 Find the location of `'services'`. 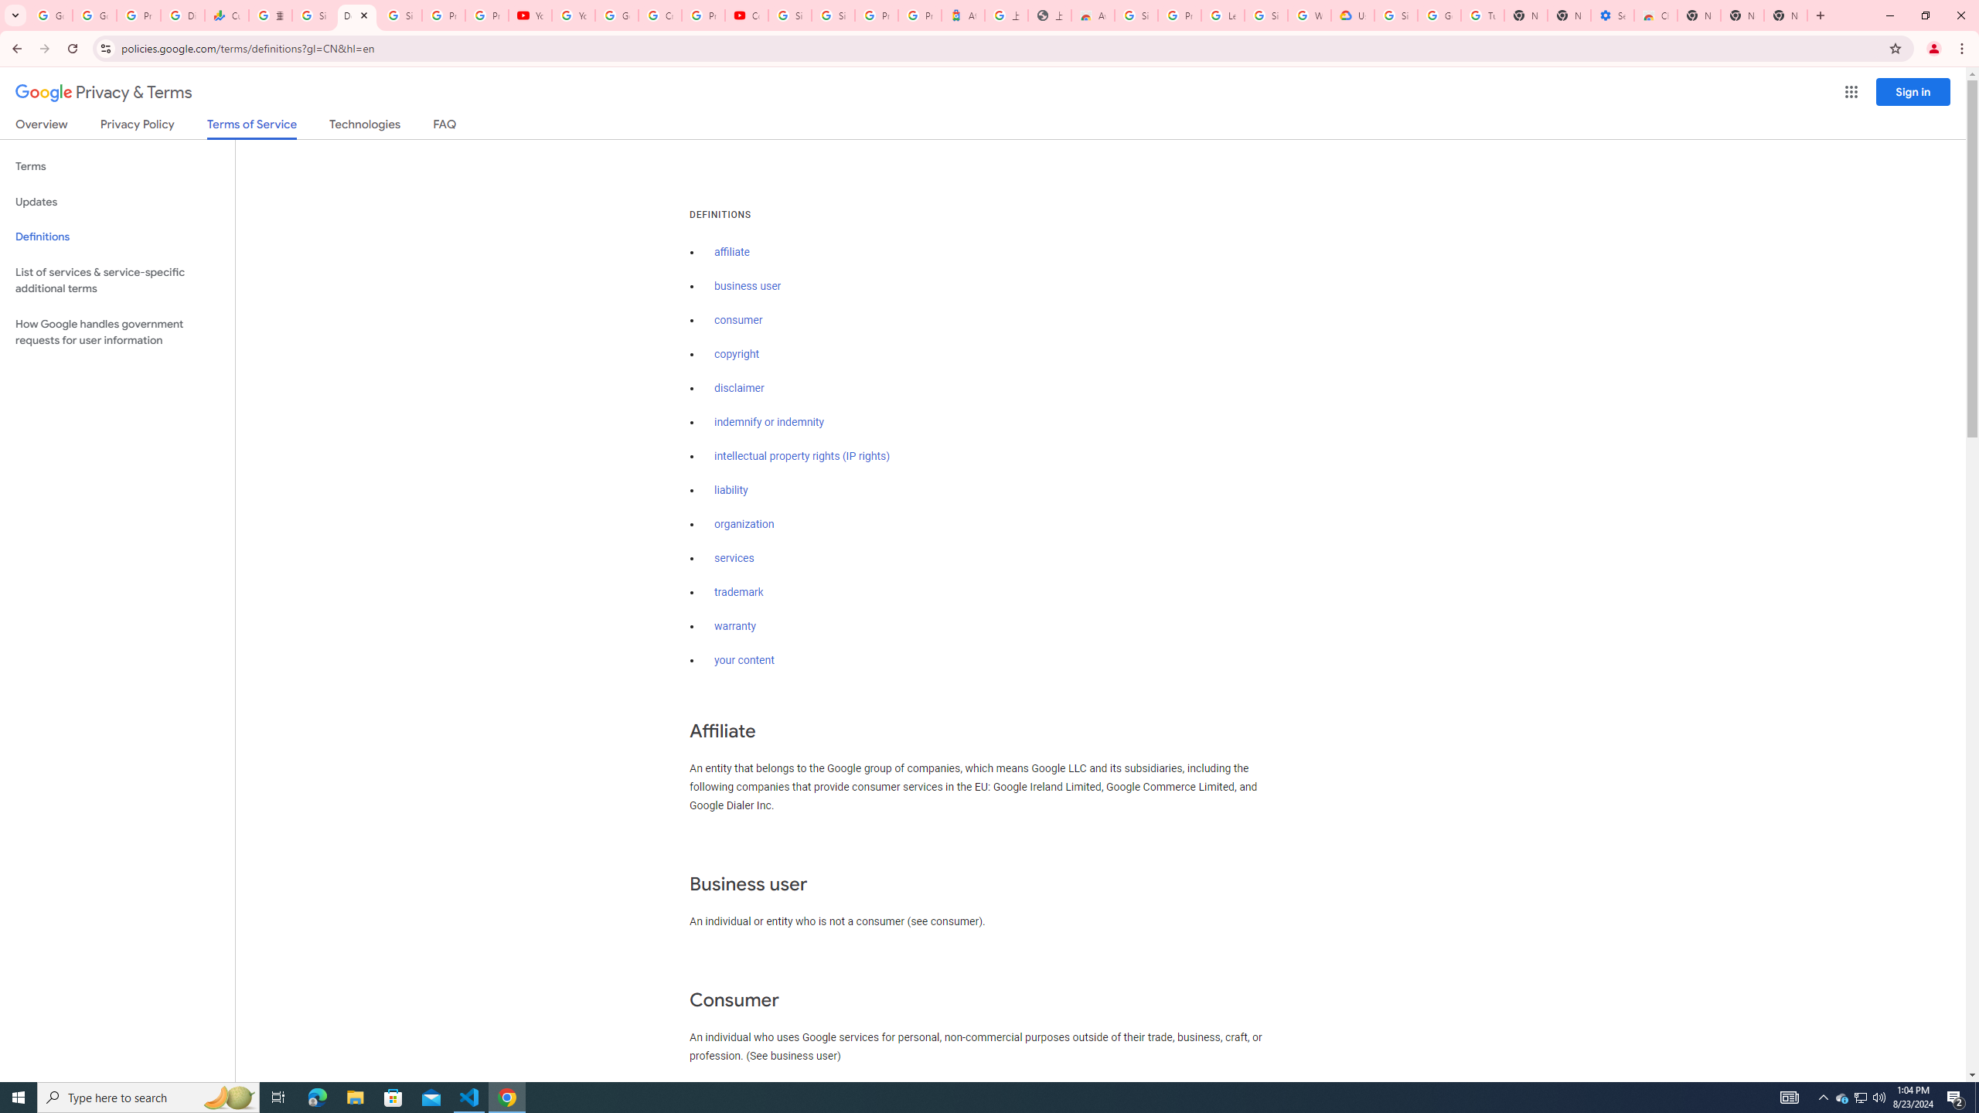

'services' is located at coordinates (734, 557).